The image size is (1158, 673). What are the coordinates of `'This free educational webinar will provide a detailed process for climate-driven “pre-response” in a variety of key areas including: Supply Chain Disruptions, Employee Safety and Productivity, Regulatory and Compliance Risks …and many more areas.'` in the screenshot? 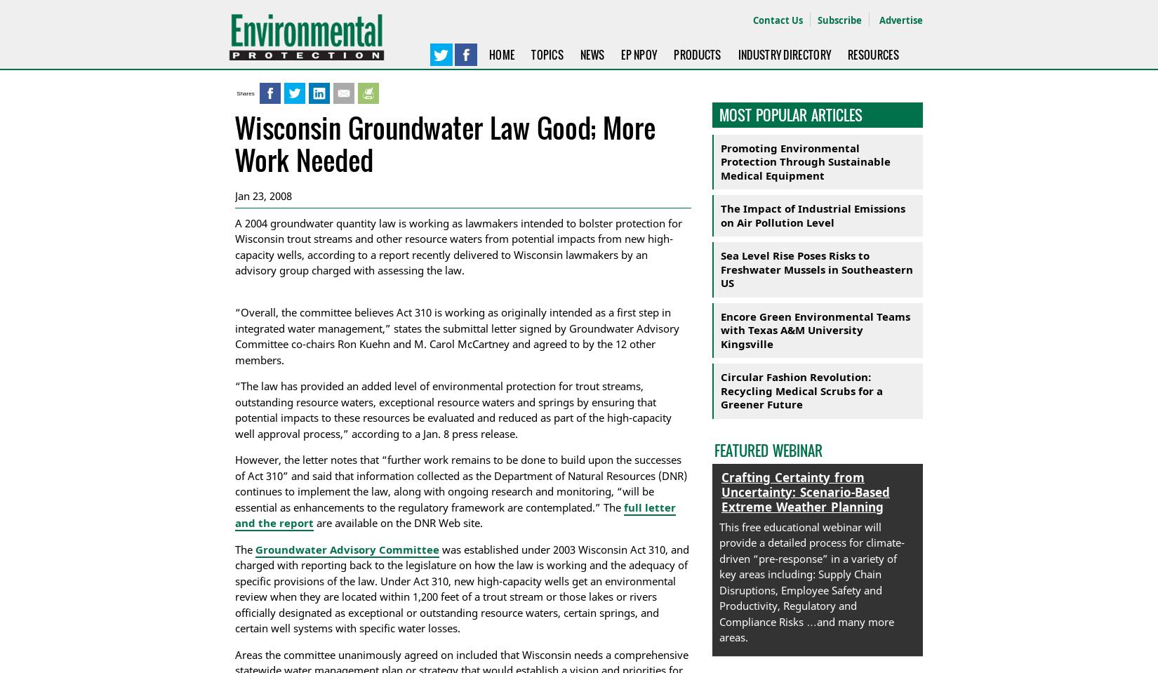 It's located at (719, 580).